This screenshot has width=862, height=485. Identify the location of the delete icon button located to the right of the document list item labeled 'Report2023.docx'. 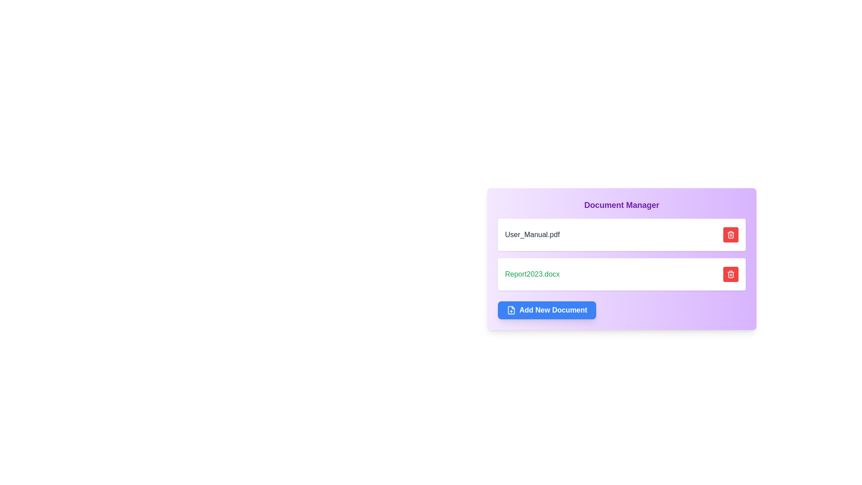
(730, 273).